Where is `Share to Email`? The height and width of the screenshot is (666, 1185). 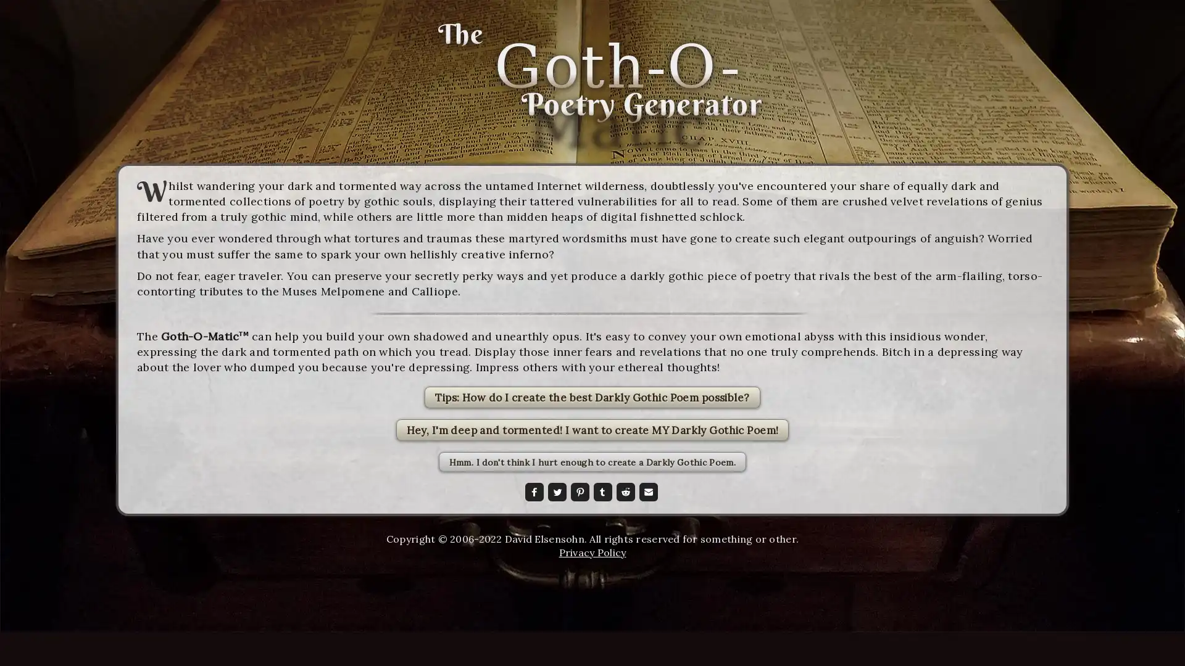
Share to Email is located at coordinates (644, 491).